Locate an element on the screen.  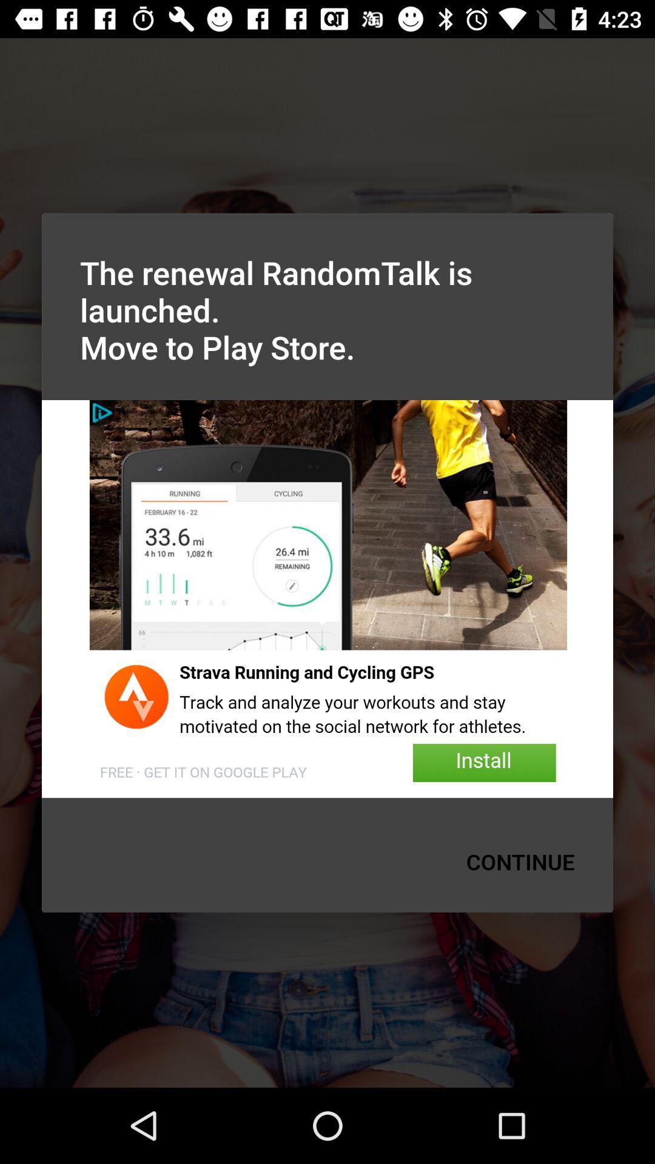
to install is located at coordinates (327, 599).